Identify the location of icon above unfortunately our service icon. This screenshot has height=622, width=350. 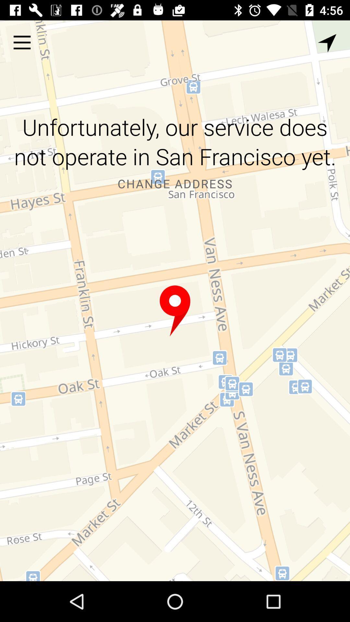
(22, 42).